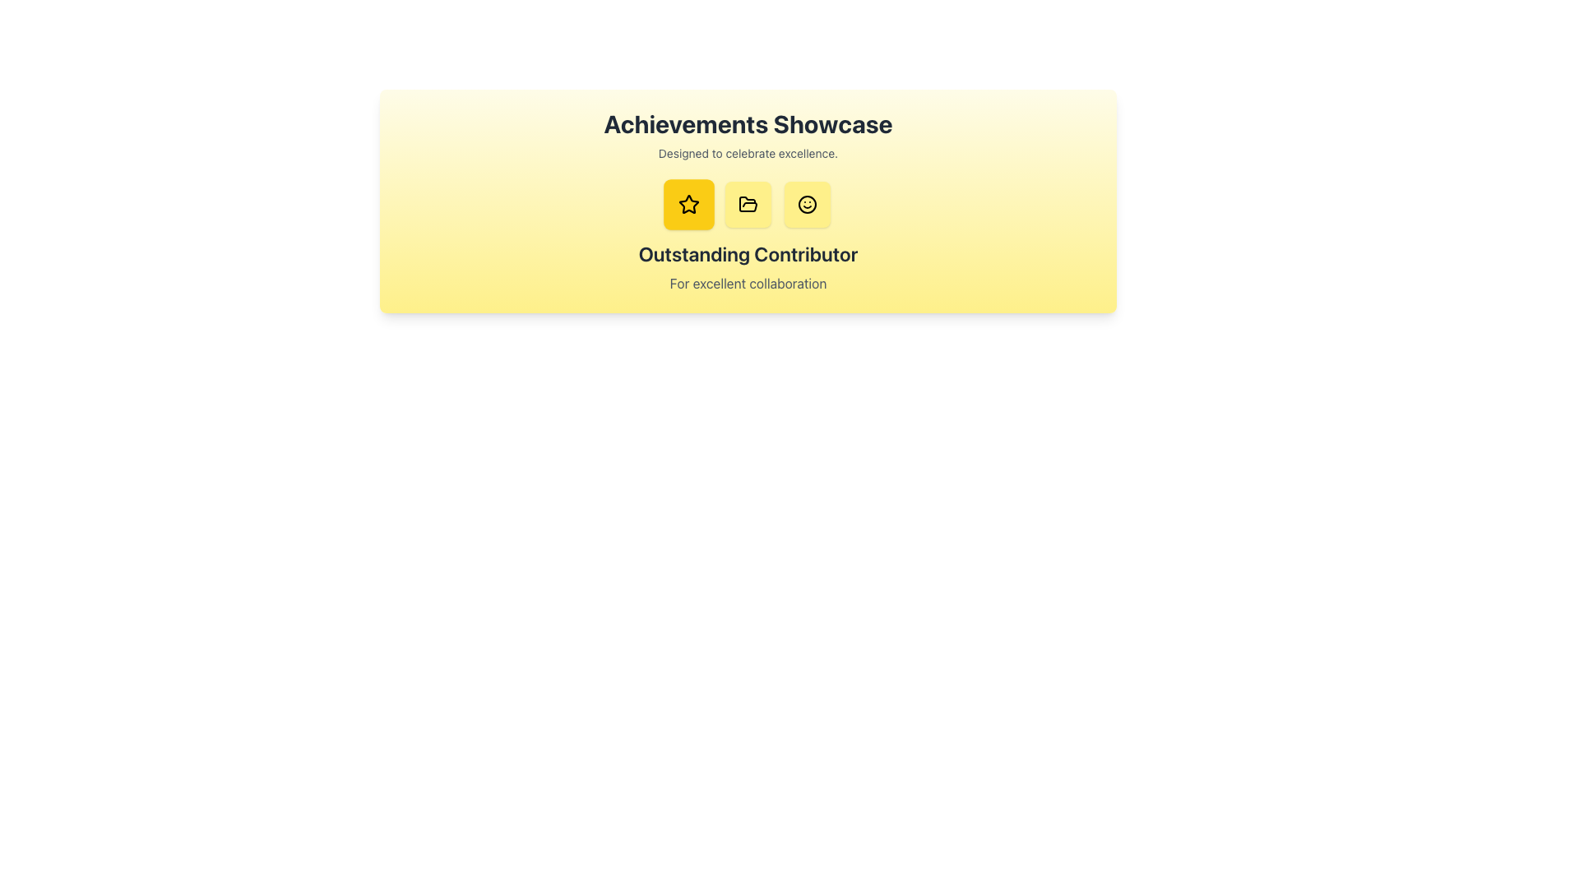 The height and width of the screenshot is (888, 1579). Describe the element at coordinates (748, 153) in the screenshot. I see `the descriptive subtitle element located directly below the heading 'Achievements Showcase', which provides additional context or information` at that location.